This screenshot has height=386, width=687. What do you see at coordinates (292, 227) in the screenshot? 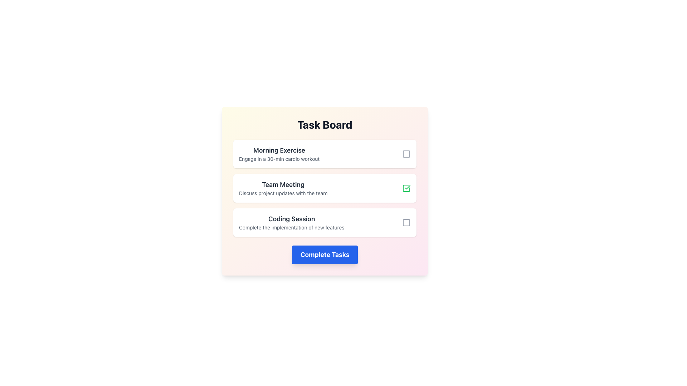
I see `the static text label that reads 'Complete the implementation of new features', which is positioned beneath the 'Coding Session' header` at bounding box center [292, 227].